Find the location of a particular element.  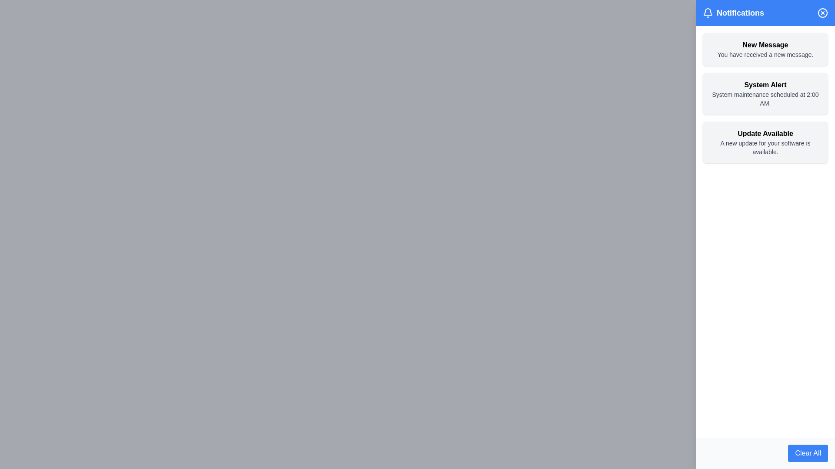

the third notification card in the vertical notification panel that informs the user about an available software update is located at coordinates (765, 142).